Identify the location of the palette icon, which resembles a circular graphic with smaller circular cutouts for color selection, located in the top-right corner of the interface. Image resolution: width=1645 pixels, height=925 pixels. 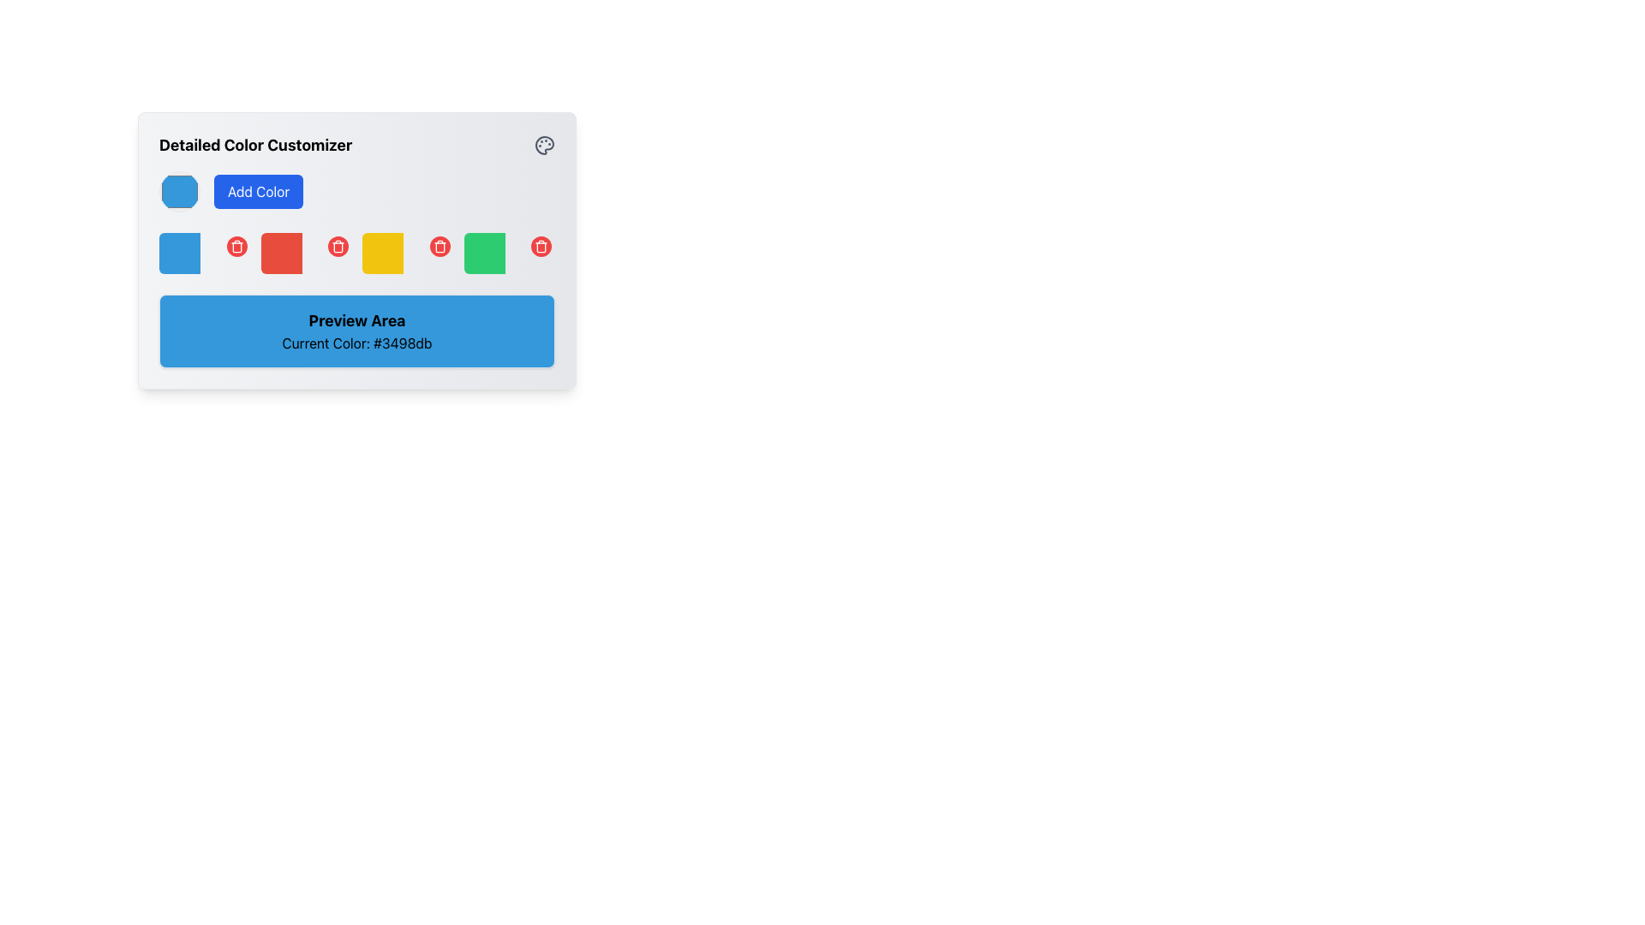
(543, 144).